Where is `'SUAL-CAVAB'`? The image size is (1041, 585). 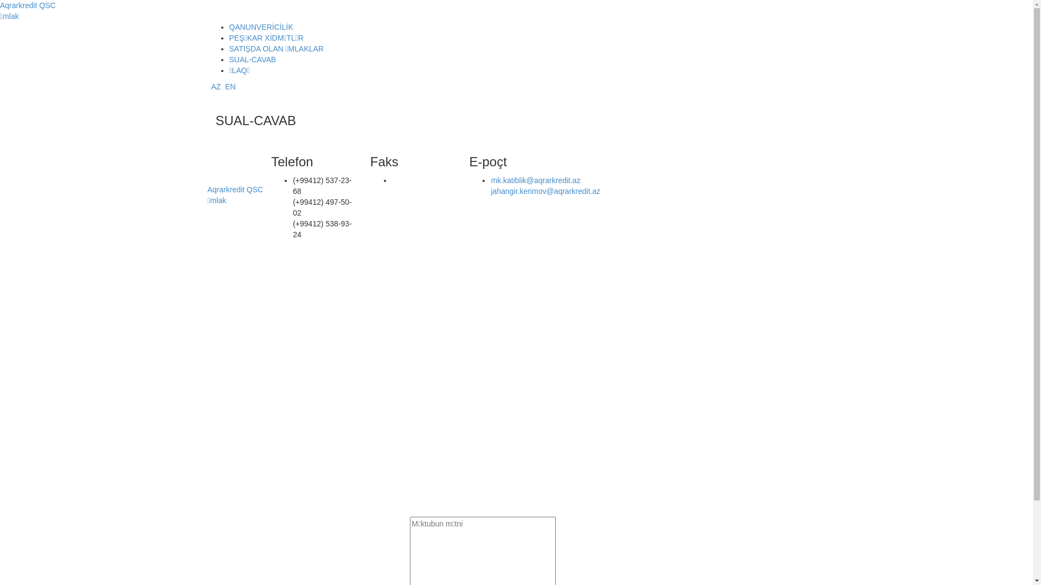 'SUAL-CAVAB' is located at coordinates (252, 60).